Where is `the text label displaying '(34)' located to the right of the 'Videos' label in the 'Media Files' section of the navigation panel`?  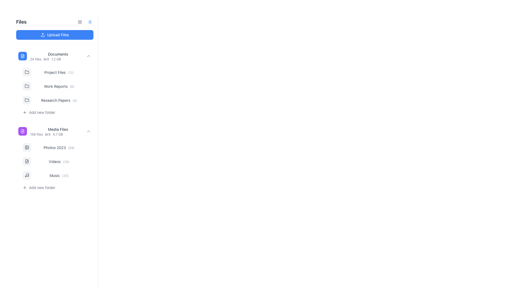 the text label displaying '(34)' located to the right of the 'Videos' label in the 'Media Files' section of the navigation panel is located at coordinates (66, 161).